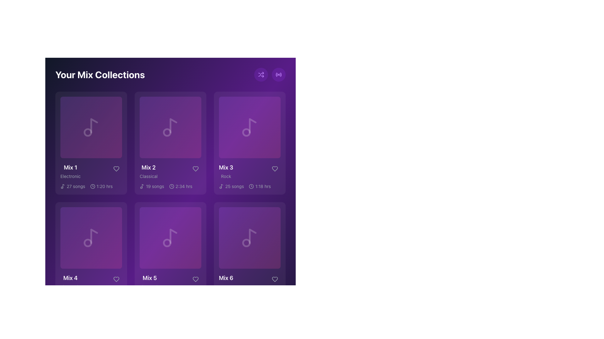 Image resolution: width=604 pixels, height=339 pixels. What do you see at coordinates (171, 253) in the screenshot?
I see `the fifth card in the music mix grid` at bounding box center [171, 253].